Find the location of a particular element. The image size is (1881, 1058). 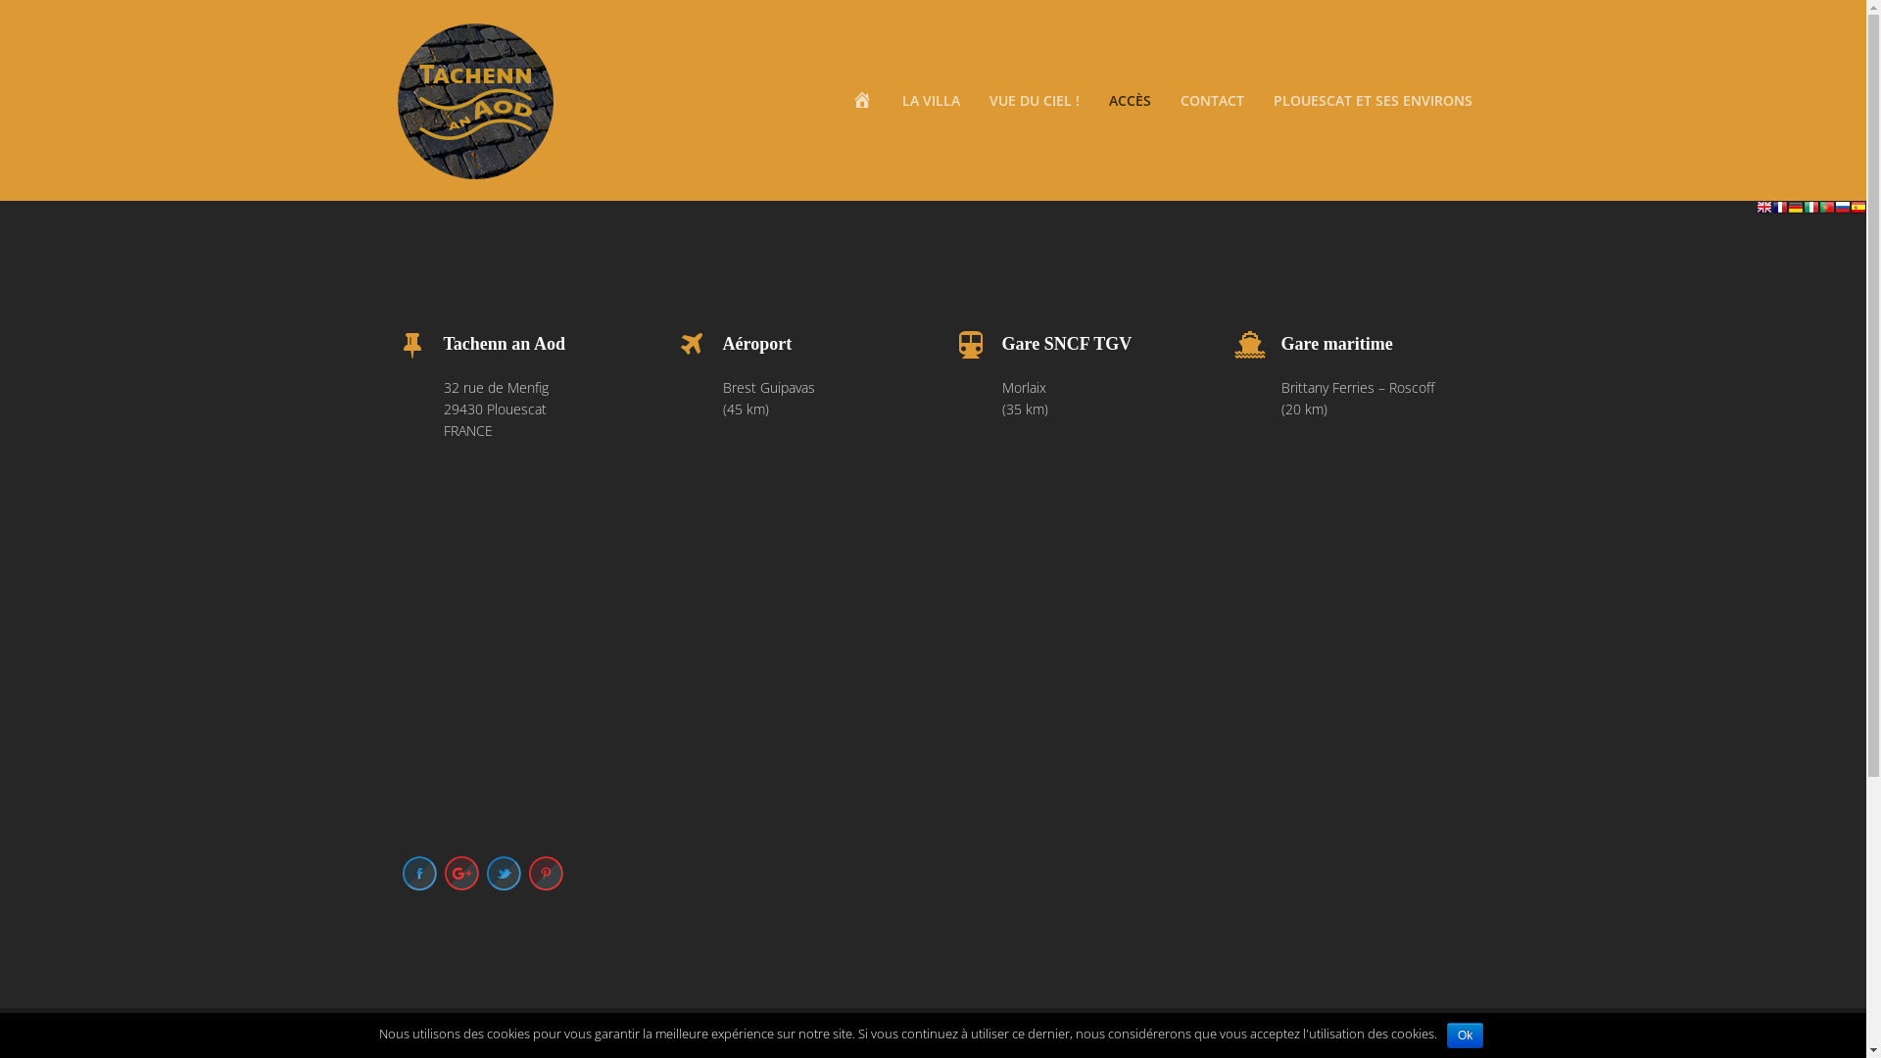

'Ok' is located at coordinates (1465, 1034).